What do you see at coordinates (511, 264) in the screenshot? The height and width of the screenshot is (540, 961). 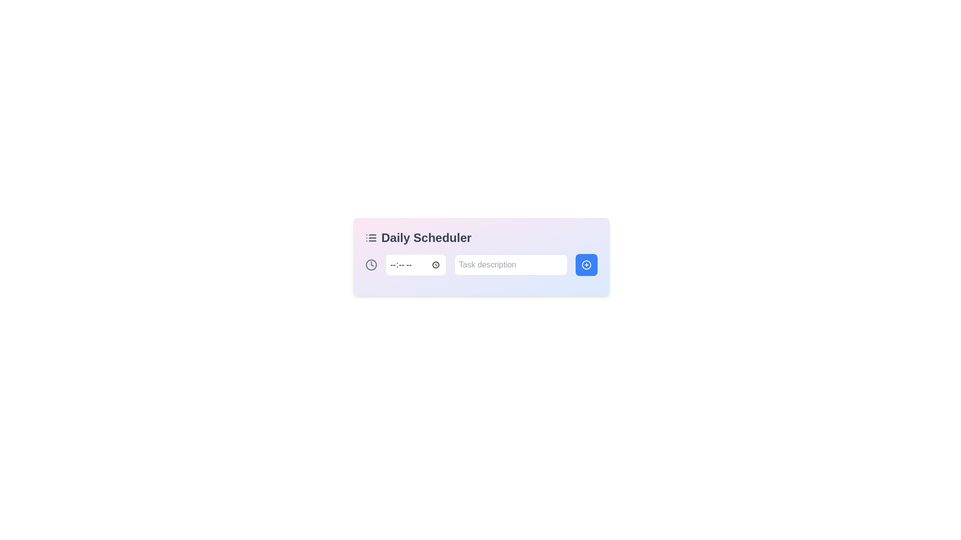 I see `the rectangular text input field with a placeholder 'Task description' to focus on it` at bounding box center [511, 264].